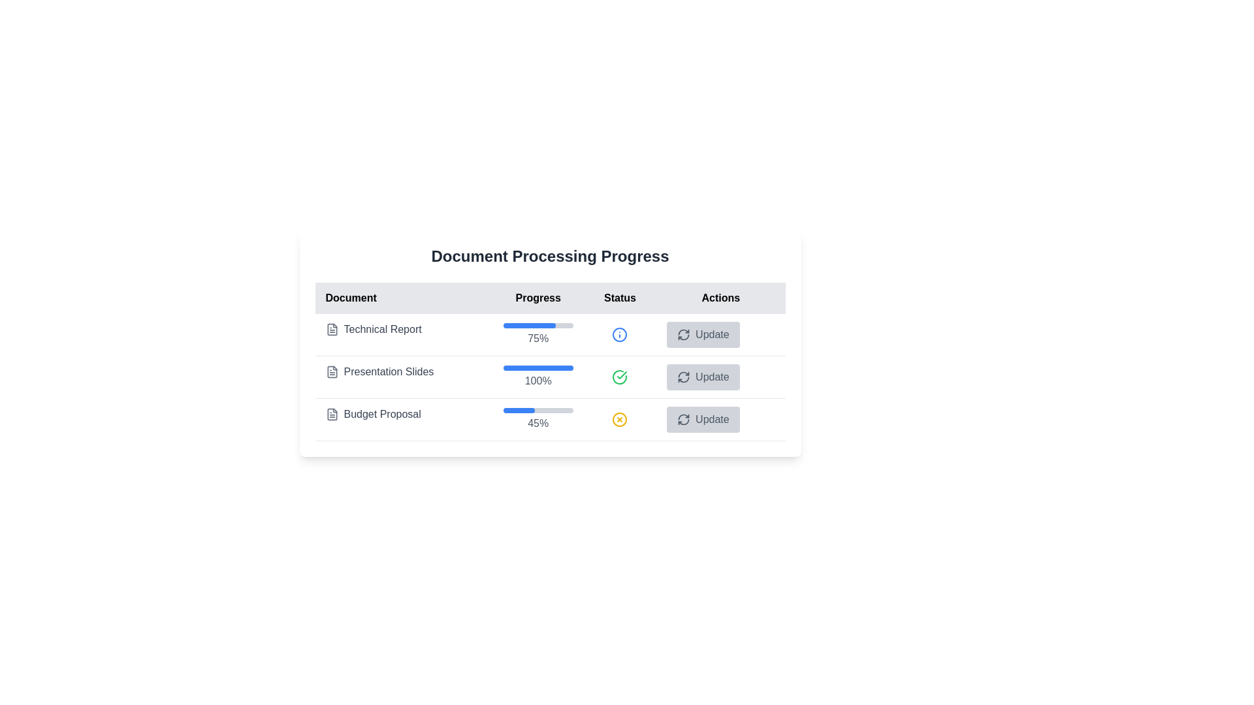 This screenshot has width=1254, height=705. I want to click on the column header label indicating the status of the documents, located as the third item in the horizontal row of headers between 'Progress' and 'Actions', so click(619, 298).